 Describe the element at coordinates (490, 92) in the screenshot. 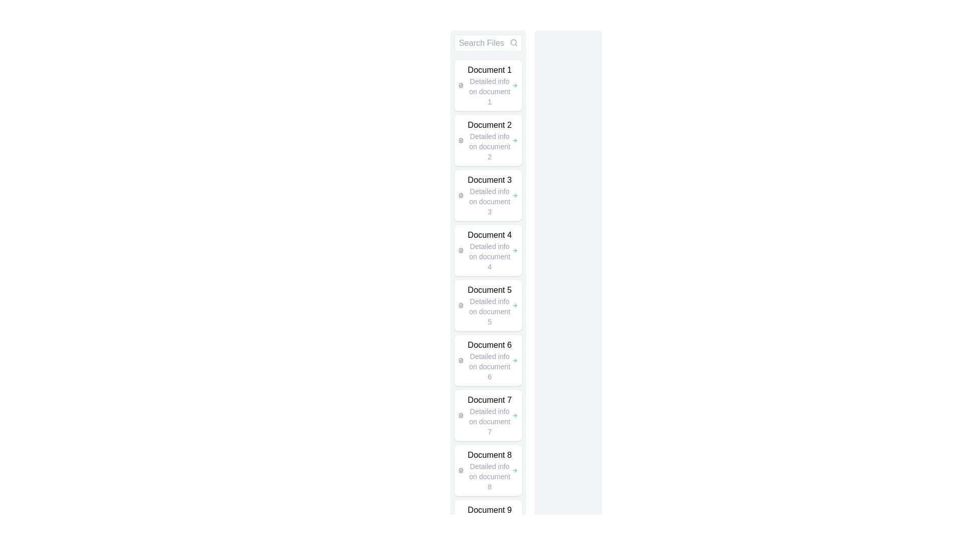

I see `the small-sized gray text element that reads 'Detailed info on document 1', located directly under the 'Document 1' heading in the document list` at that location.